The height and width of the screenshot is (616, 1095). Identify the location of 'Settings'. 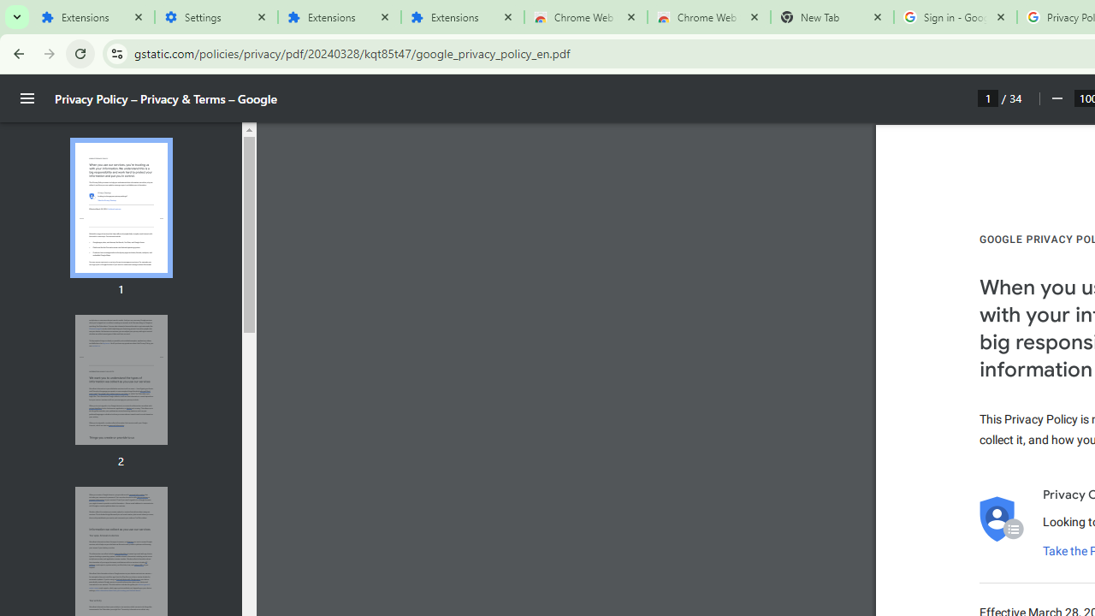
(215, 17).